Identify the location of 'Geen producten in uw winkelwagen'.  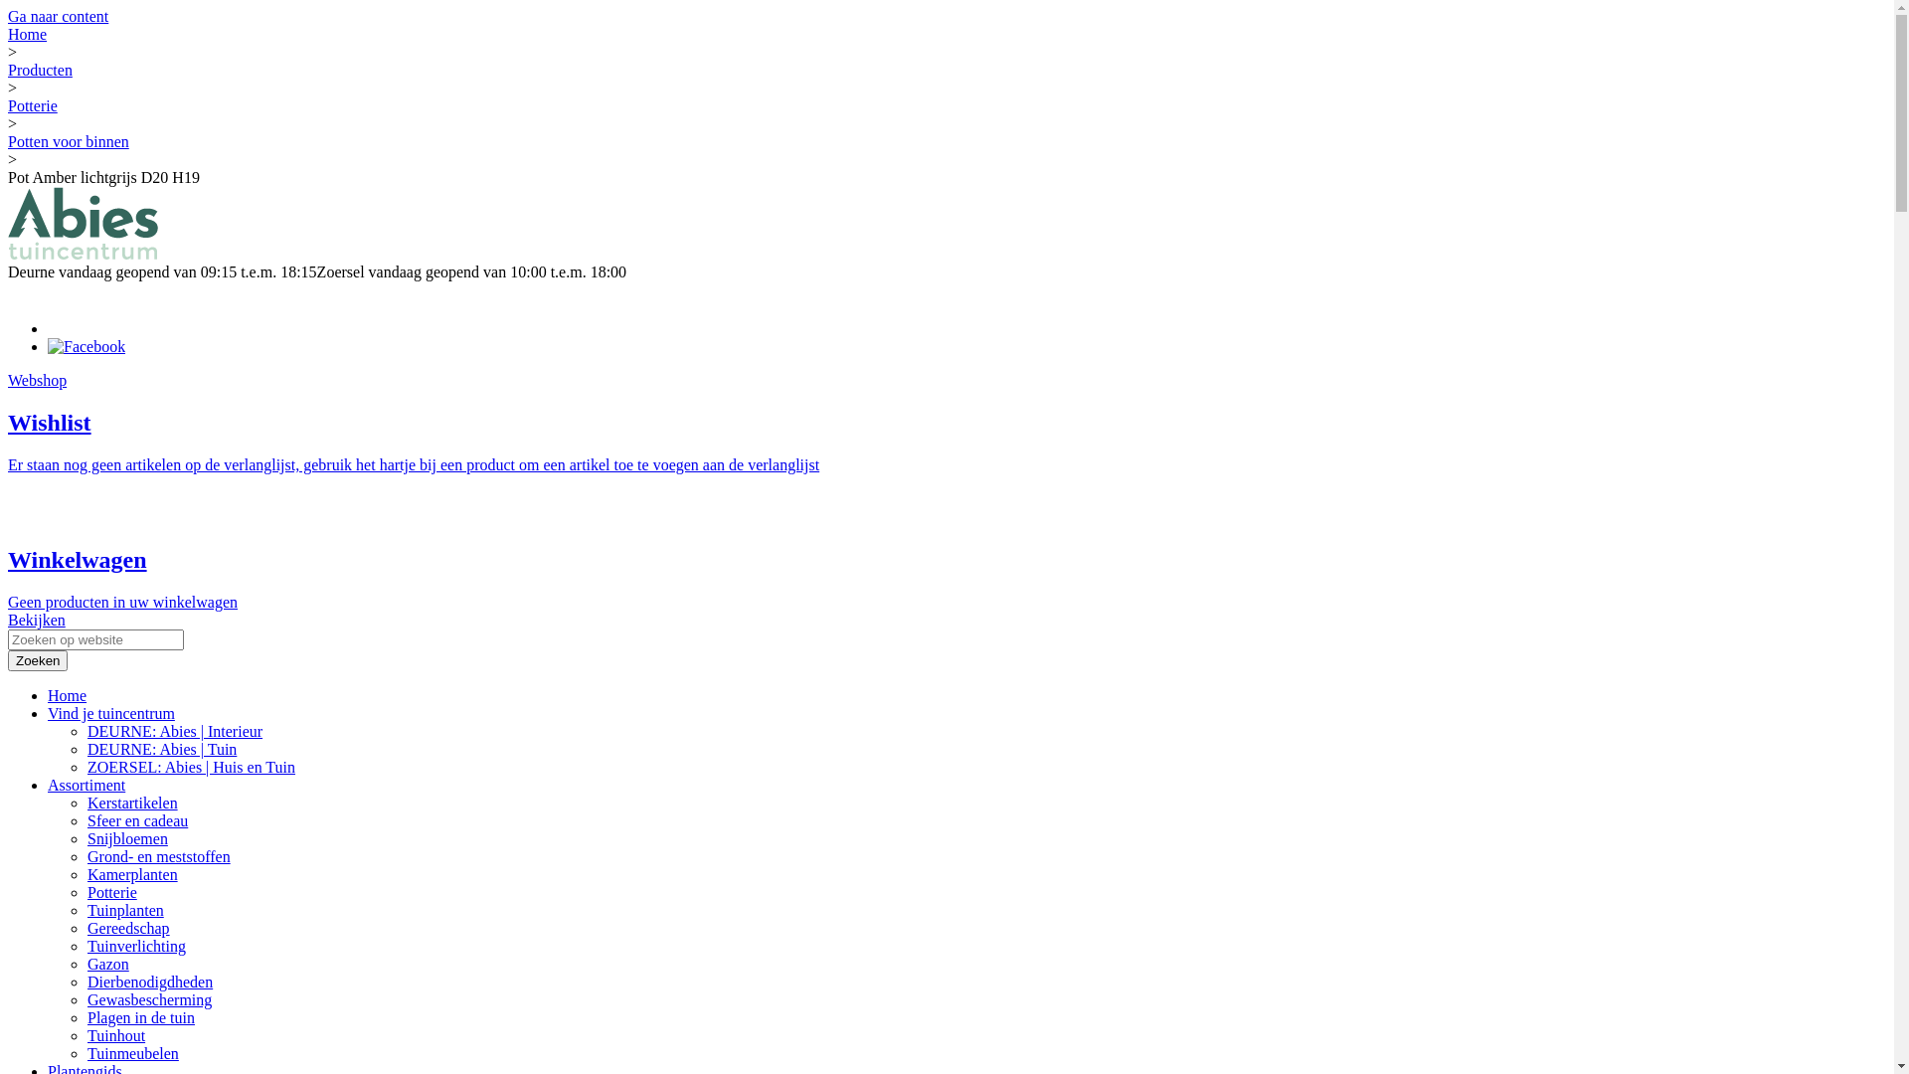
(121, 601).